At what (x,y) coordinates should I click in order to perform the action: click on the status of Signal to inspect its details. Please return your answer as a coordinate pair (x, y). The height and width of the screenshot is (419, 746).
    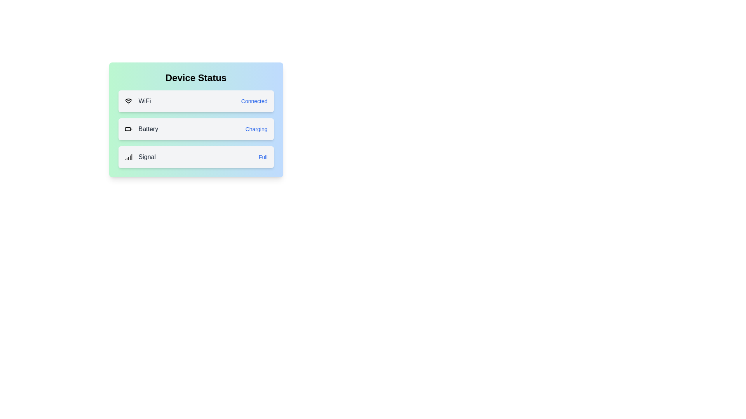
    Looking at the image, I should click on (196, 157).